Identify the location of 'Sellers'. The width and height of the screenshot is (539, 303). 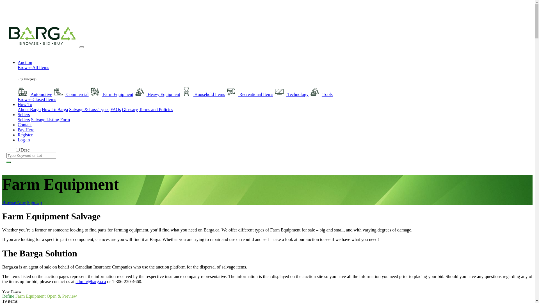
(24, 114).